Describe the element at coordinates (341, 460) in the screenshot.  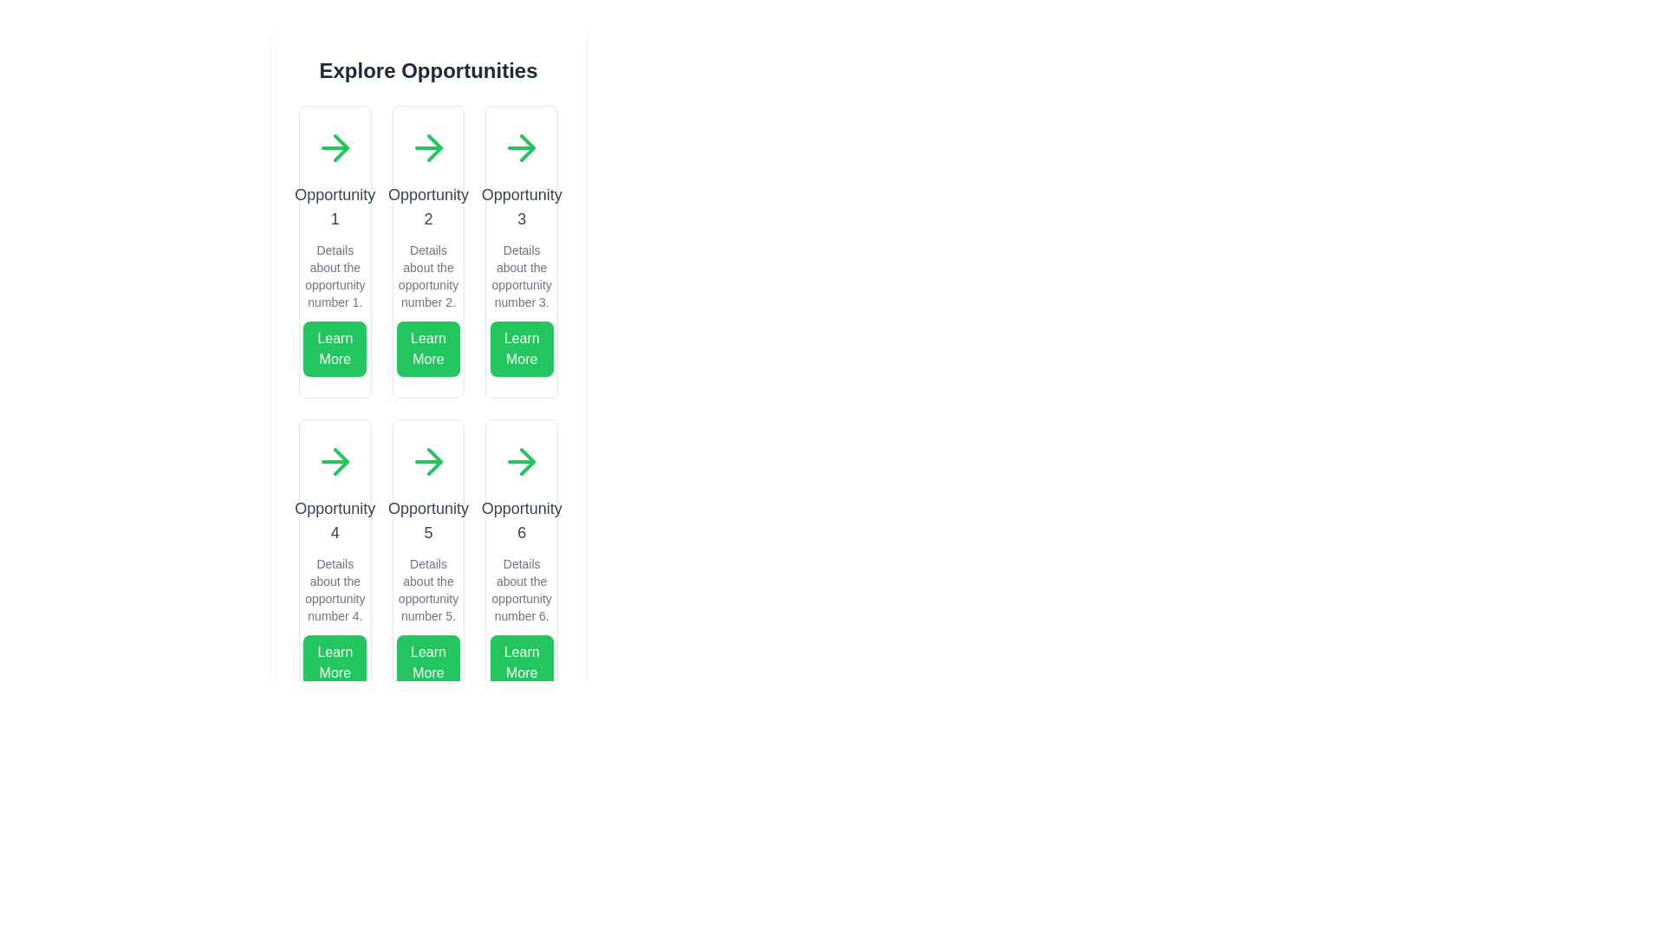
I see `the right-pointing arrow icon located in the second row, first column of the icon layout` at that location.